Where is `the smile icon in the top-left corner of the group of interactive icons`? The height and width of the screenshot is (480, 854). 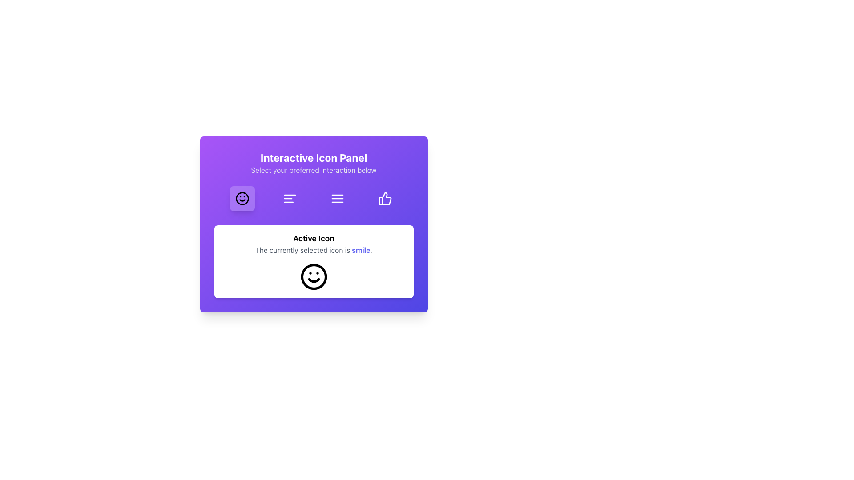
the smile icon in the top-left corner of the group of interactive icons is located at coordinates (242, 198).